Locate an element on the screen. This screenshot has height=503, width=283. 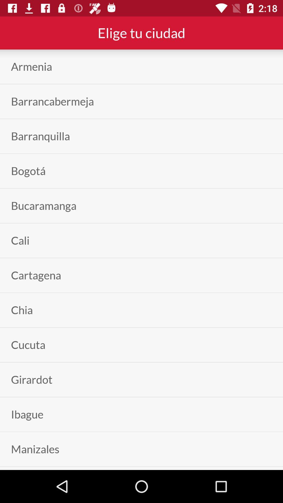
the chia is located at coordinates (21, 310).